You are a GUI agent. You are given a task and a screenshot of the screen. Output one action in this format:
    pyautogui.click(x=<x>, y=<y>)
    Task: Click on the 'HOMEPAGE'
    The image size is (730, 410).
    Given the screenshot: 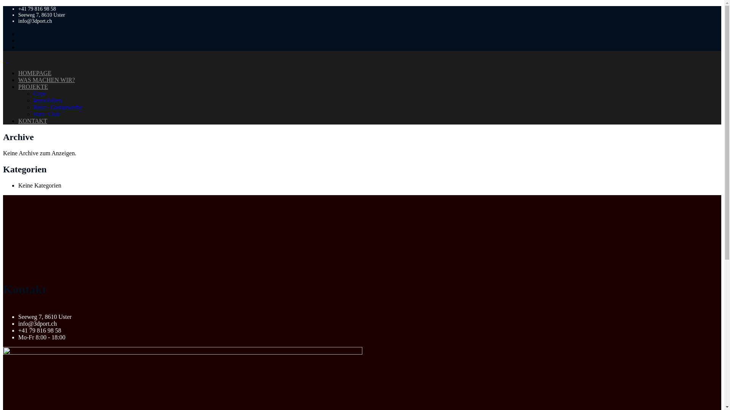 What is the action you would take?
    pyautogui.click(x=34, y=73)
    